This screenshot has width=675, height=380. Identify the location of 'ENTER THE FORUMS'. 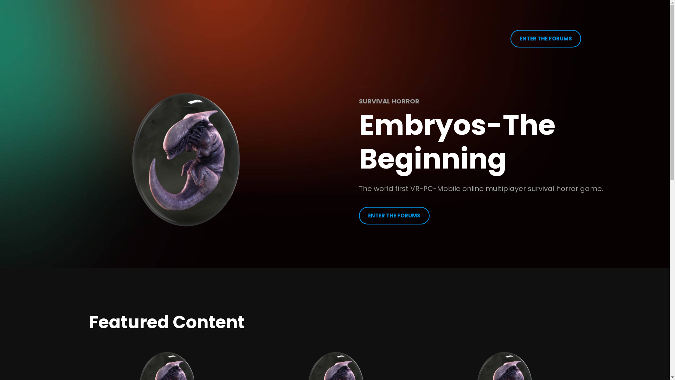
(394, 215).